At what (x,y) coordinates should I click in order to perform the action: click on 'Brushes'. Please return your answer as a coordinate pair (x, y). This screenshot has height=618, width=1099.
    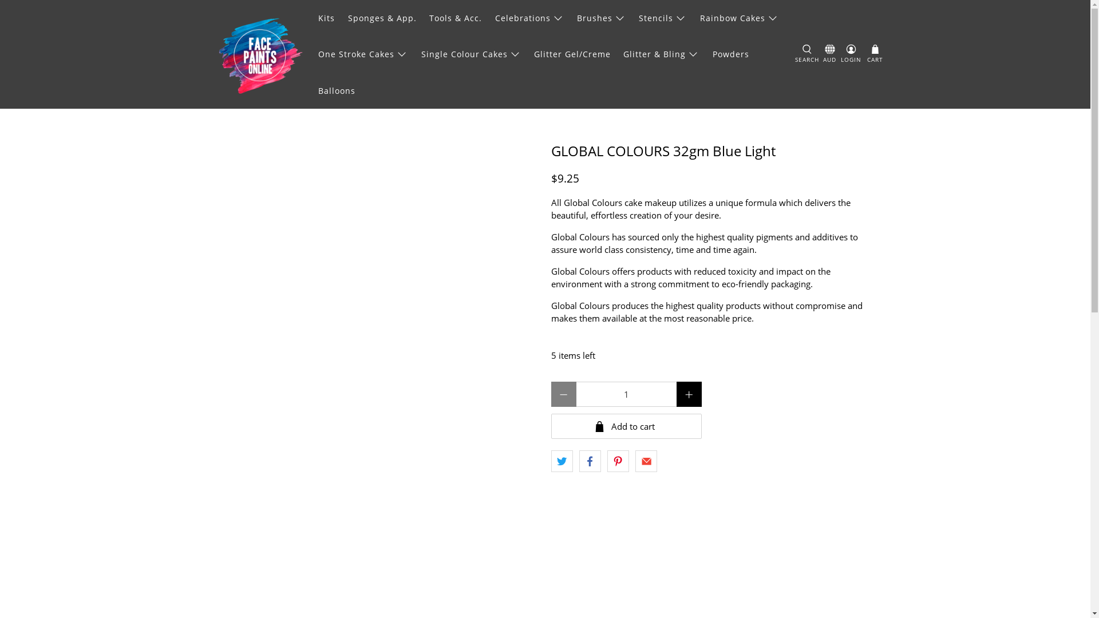
    Looking at the image, I should click on (601, 18).